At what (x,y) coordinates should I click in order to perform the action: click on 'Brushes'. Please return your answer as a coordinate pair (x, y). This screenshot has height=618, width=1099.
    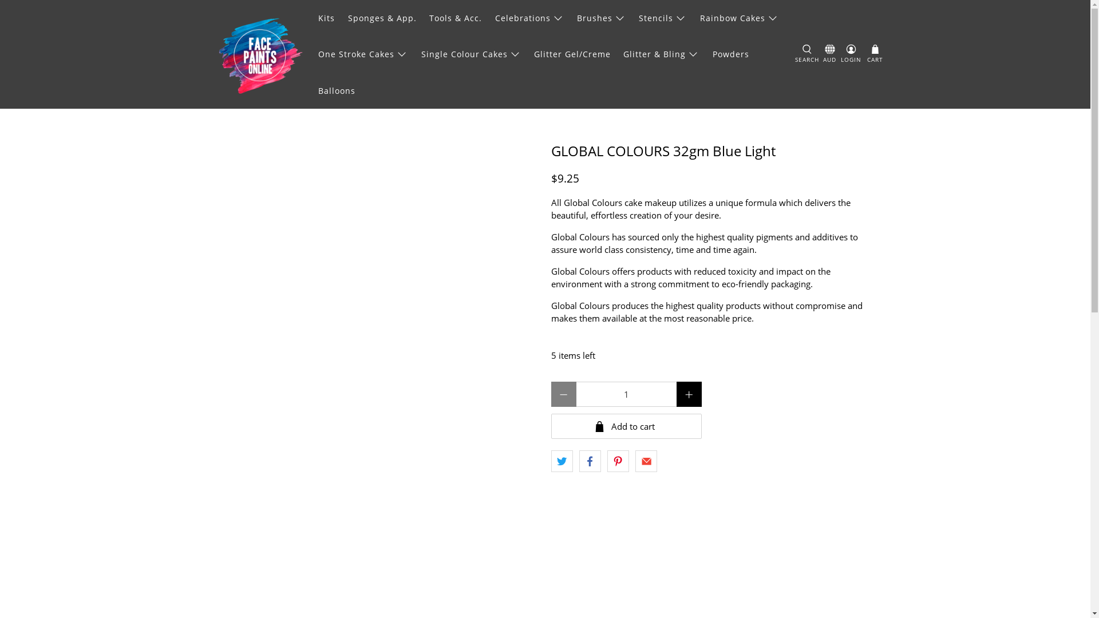
    Looking at the image, I should click on (601, 18).